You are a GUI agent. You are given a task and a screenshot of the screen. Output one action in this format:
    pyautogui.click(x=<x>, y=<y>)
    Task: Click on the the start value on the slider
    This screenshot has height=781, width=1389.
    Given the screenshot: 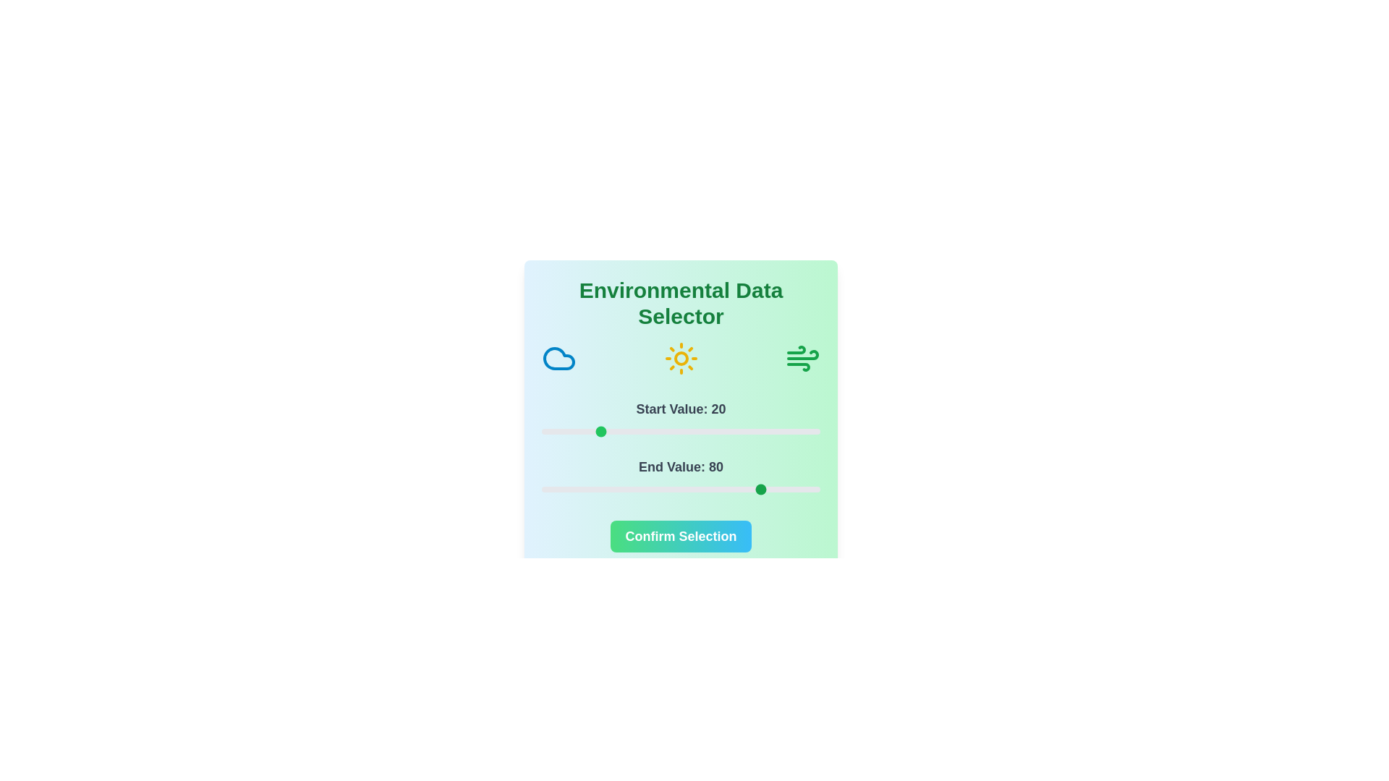 What is the action you would take?
    pyautogui.click(x=812, y=431)
    